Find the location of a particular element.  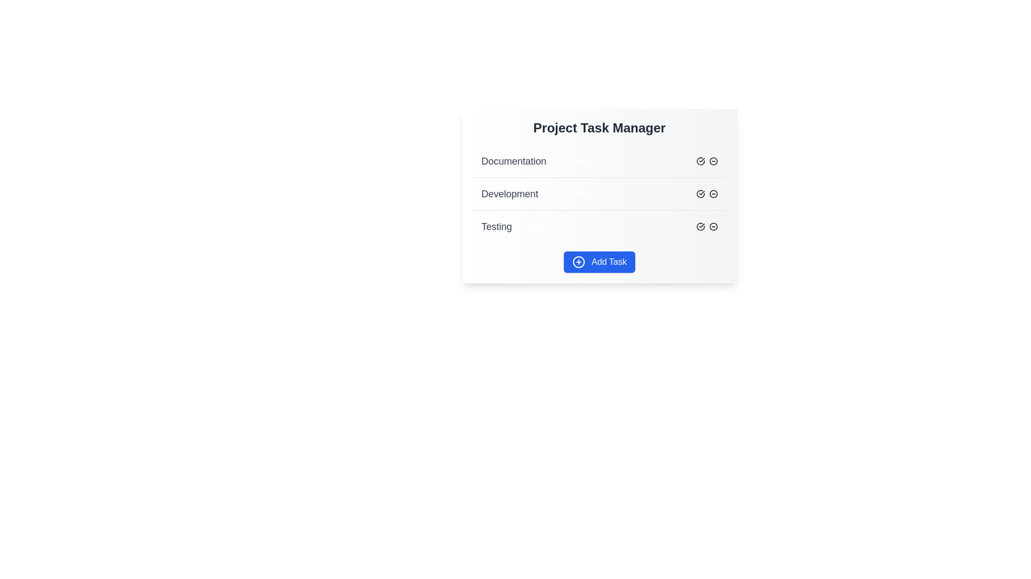

the first task row labeled 'Documentation' in the task management list, which includes a status indicator 'Completed' with a green background is located at coordinates (599, 161).